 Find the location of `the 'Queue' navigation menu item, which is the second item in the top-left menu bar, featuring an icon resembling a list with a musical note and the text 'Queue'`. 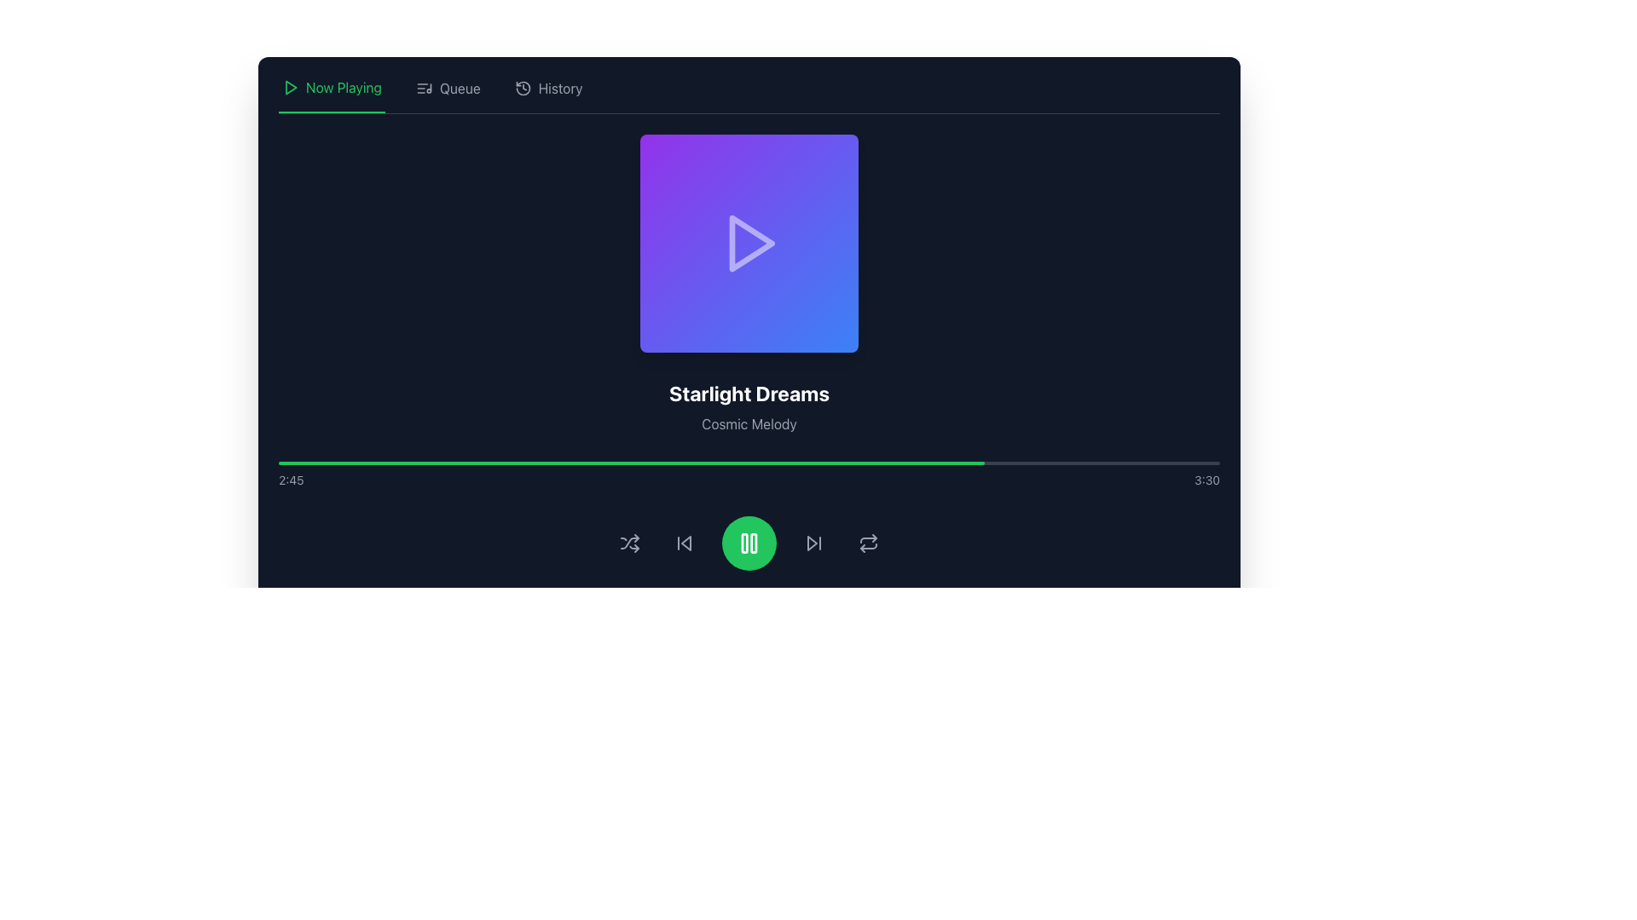

the 'Queue' navigation menu item, which is the second item in the top-left menu bar, featuring an icon resembling a list with a musical note and the text 'Queue' is located at coordinates (448, 95).